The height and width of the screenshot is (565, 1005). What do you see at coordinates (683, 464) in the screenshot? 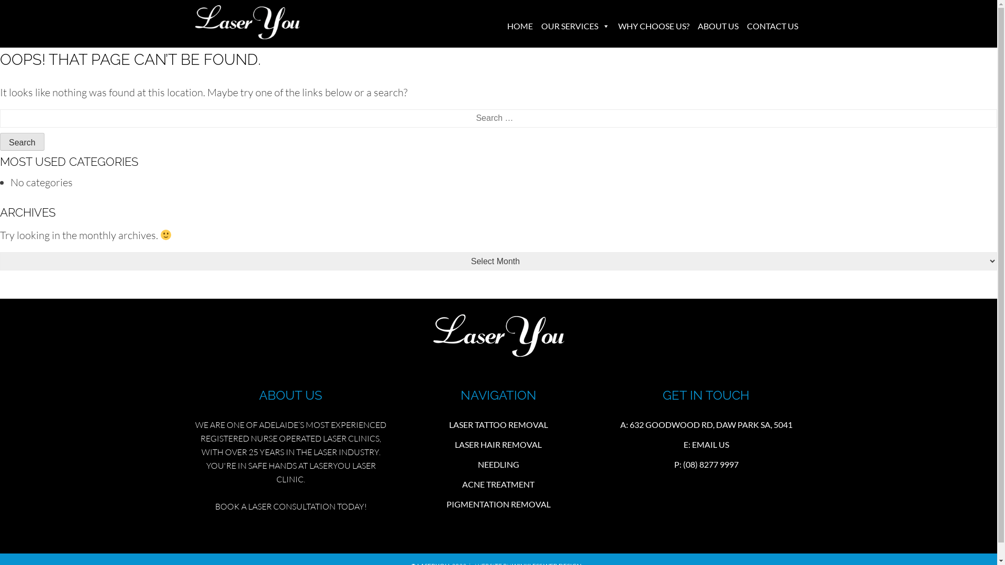
I see `'(08) 8277 9997'` at bounding box center [683, 464].